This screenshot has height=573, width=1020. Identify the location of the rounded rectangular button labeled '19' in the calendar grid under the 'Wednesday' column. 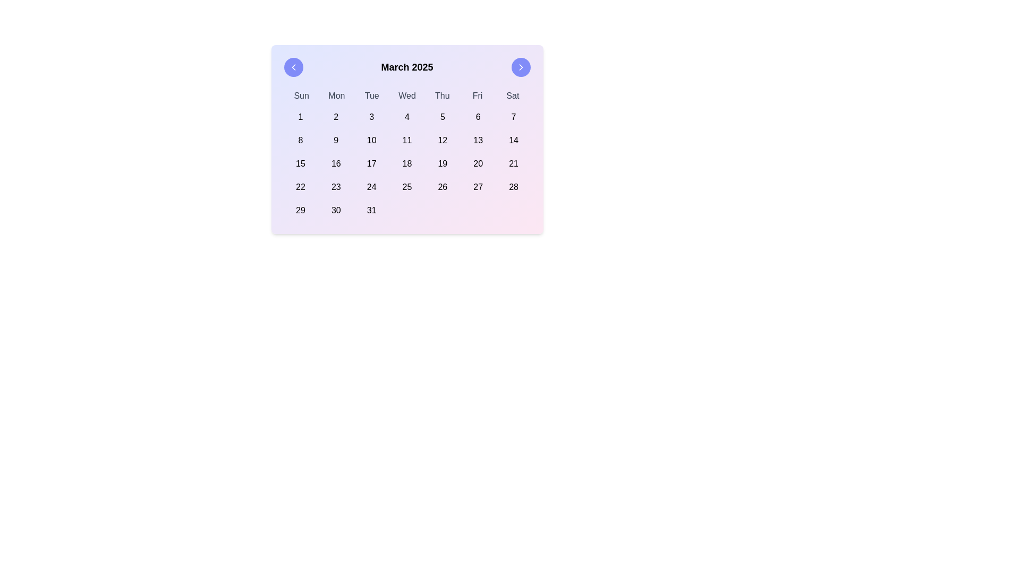
(443, 163).